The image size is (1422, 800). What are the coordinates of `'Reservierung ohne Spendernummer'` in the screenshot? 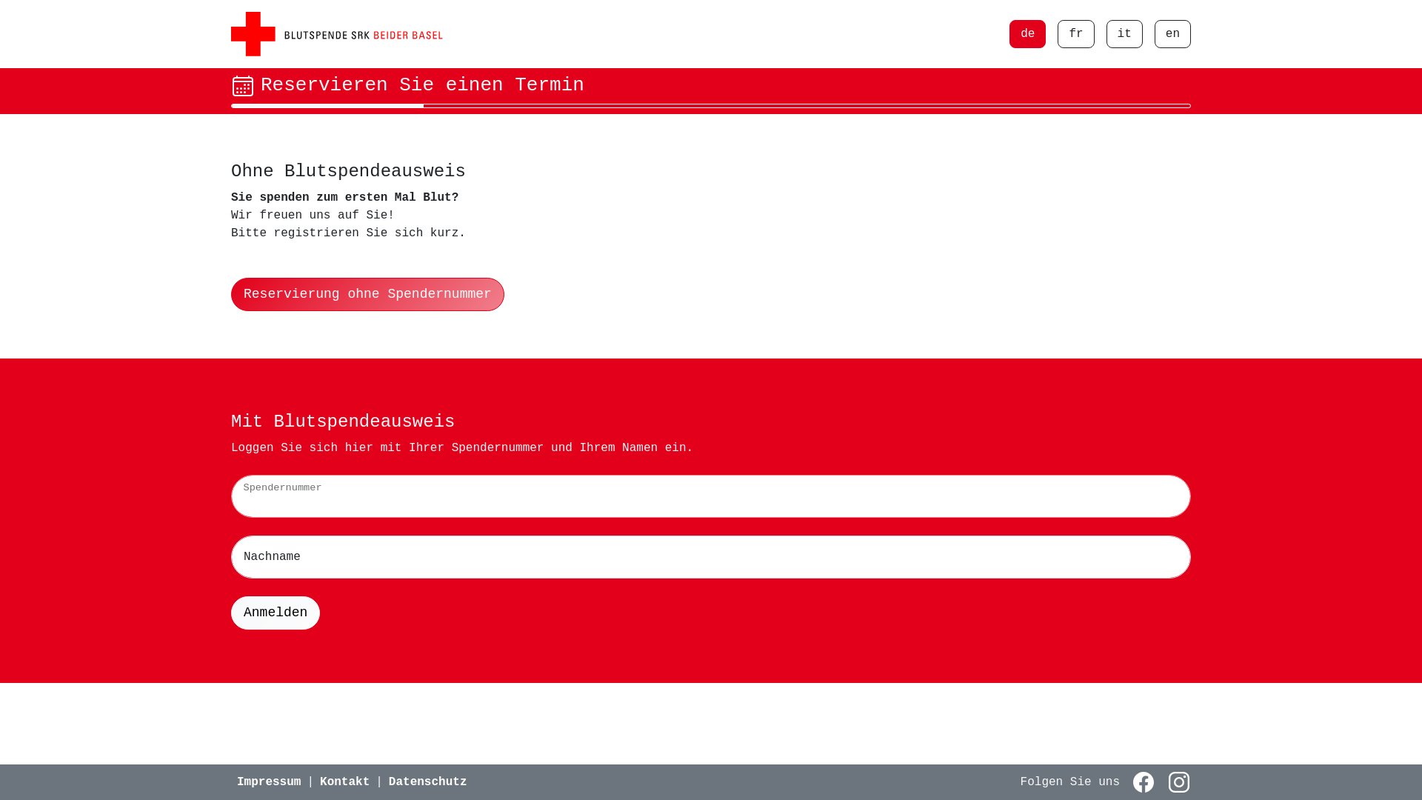 It's located at (367, 294).